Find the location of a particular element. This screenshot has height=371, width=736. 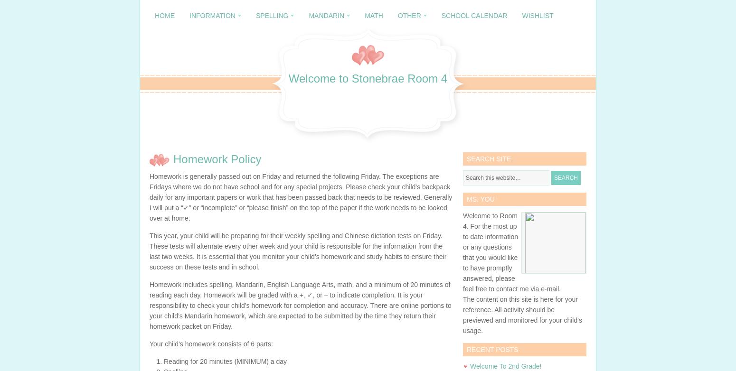

'Search Site' is located at coordinates (489, 158).